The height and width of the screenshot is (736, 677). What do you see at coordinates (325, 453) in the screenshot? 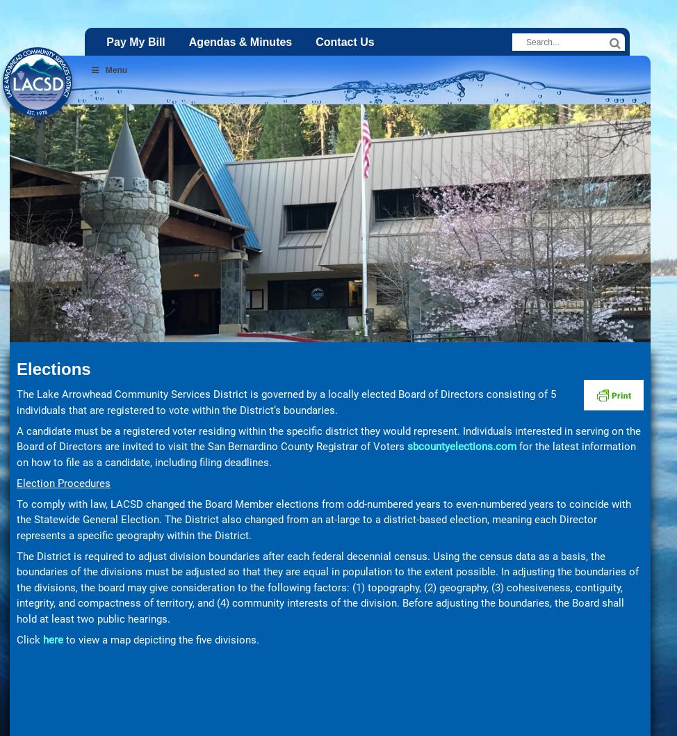
I see `'for the latest information on how to file as a candidate, including filing deadlines.'` at bounding box center [325, 453].